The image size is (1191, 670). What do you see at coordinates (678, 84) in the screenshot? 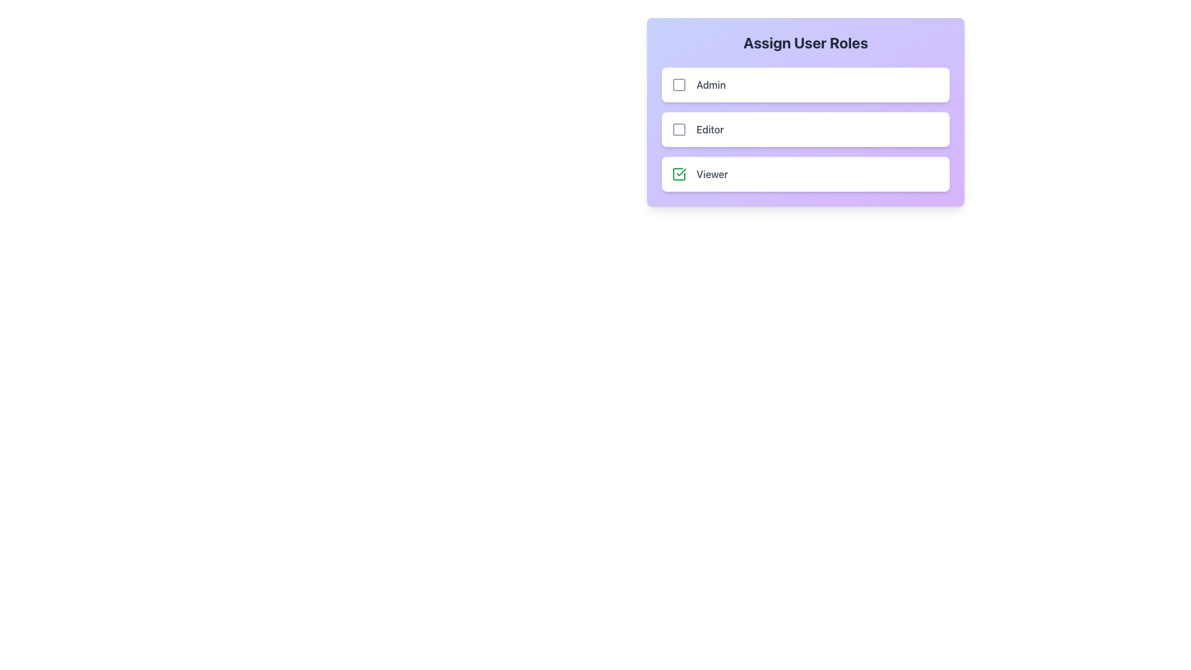
I see `the checkbox associated with the 'Admin' role option, which is represented by a small rectangular shape with rounded corners within the 'Assign User Roles' interface` at bounding box center [678, 84].